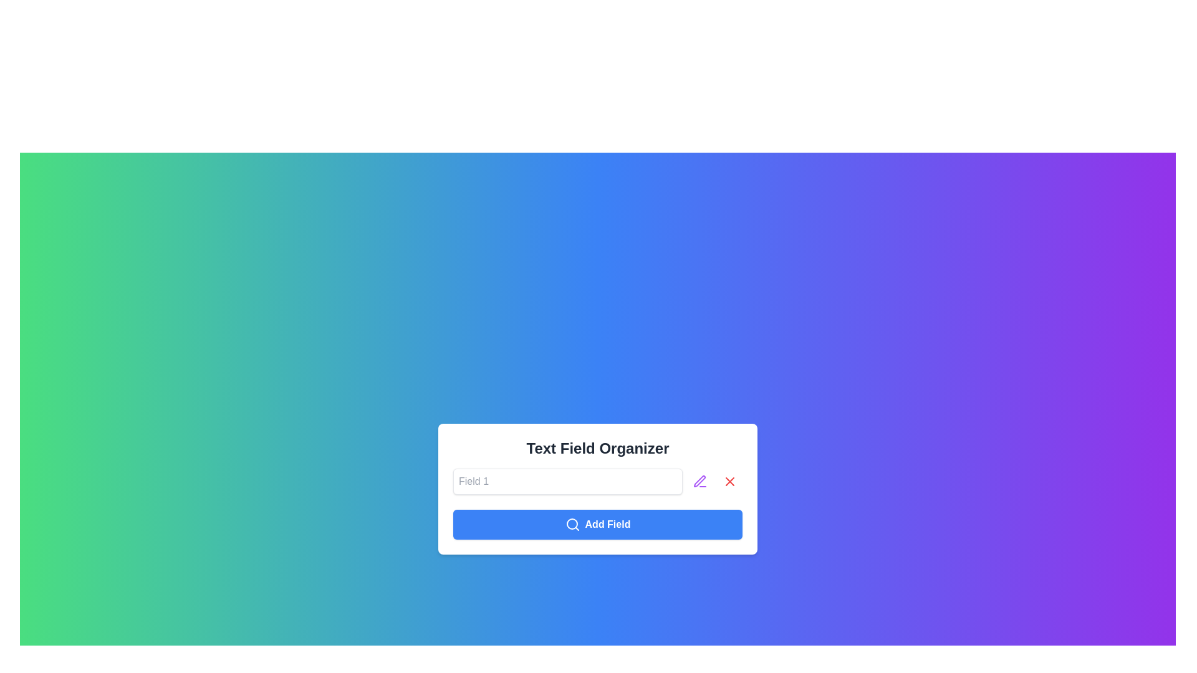 This screenshot has width=1197, height=673. I want to click on the close button icon located to the far-right of the text field in the 'Text Field Organizer' card, so click(730, 480).